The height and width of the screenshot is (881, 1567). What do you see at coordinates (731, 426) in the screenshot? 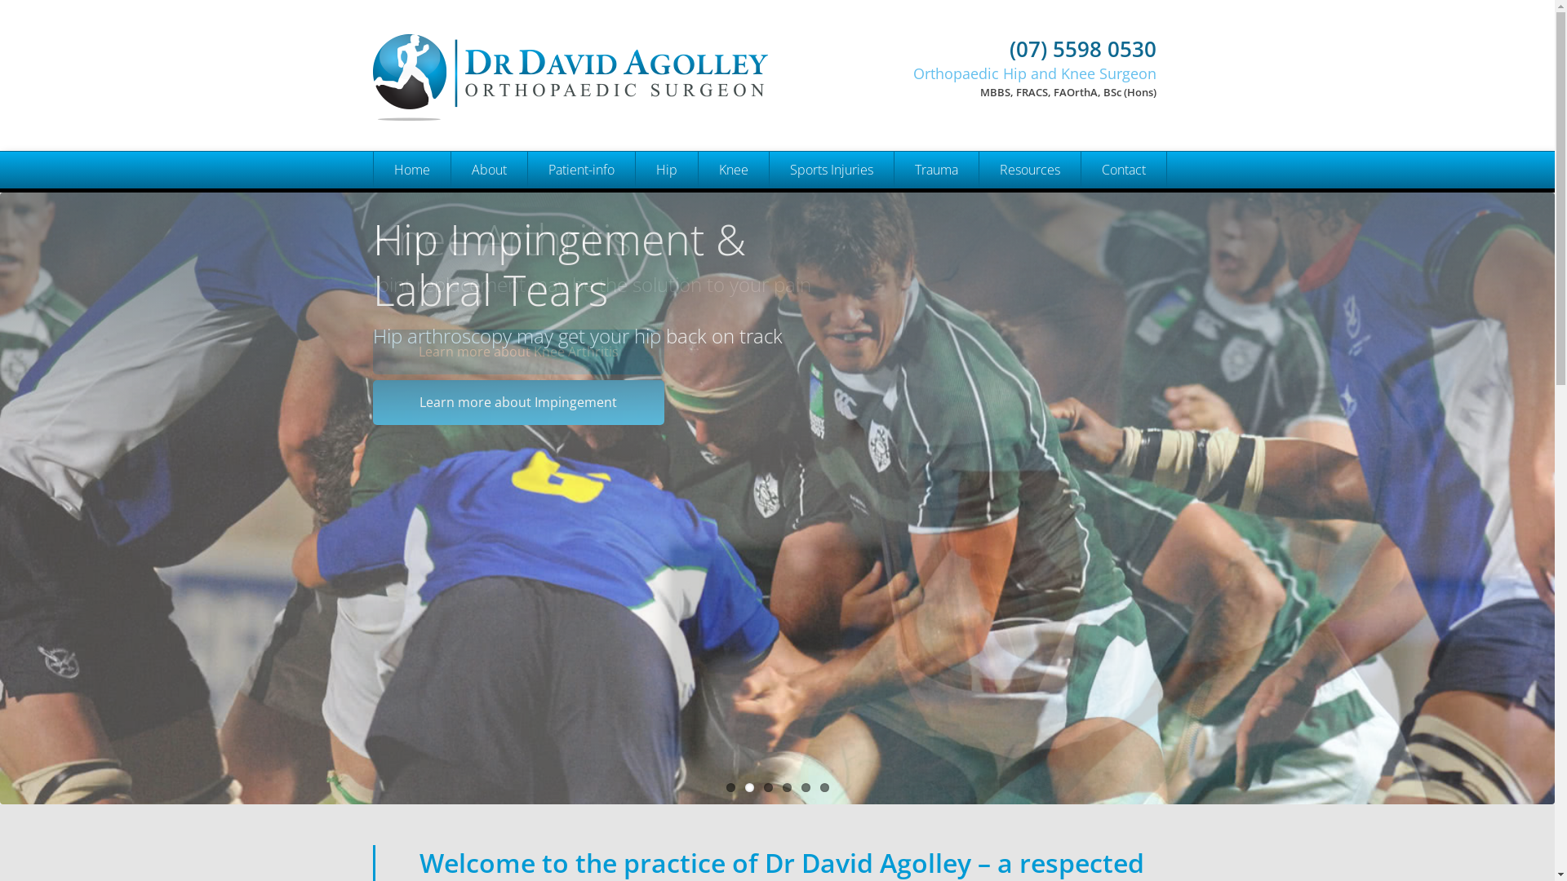
I see `'Knee Patella Dislocation'` at bounding box center [731, 426].